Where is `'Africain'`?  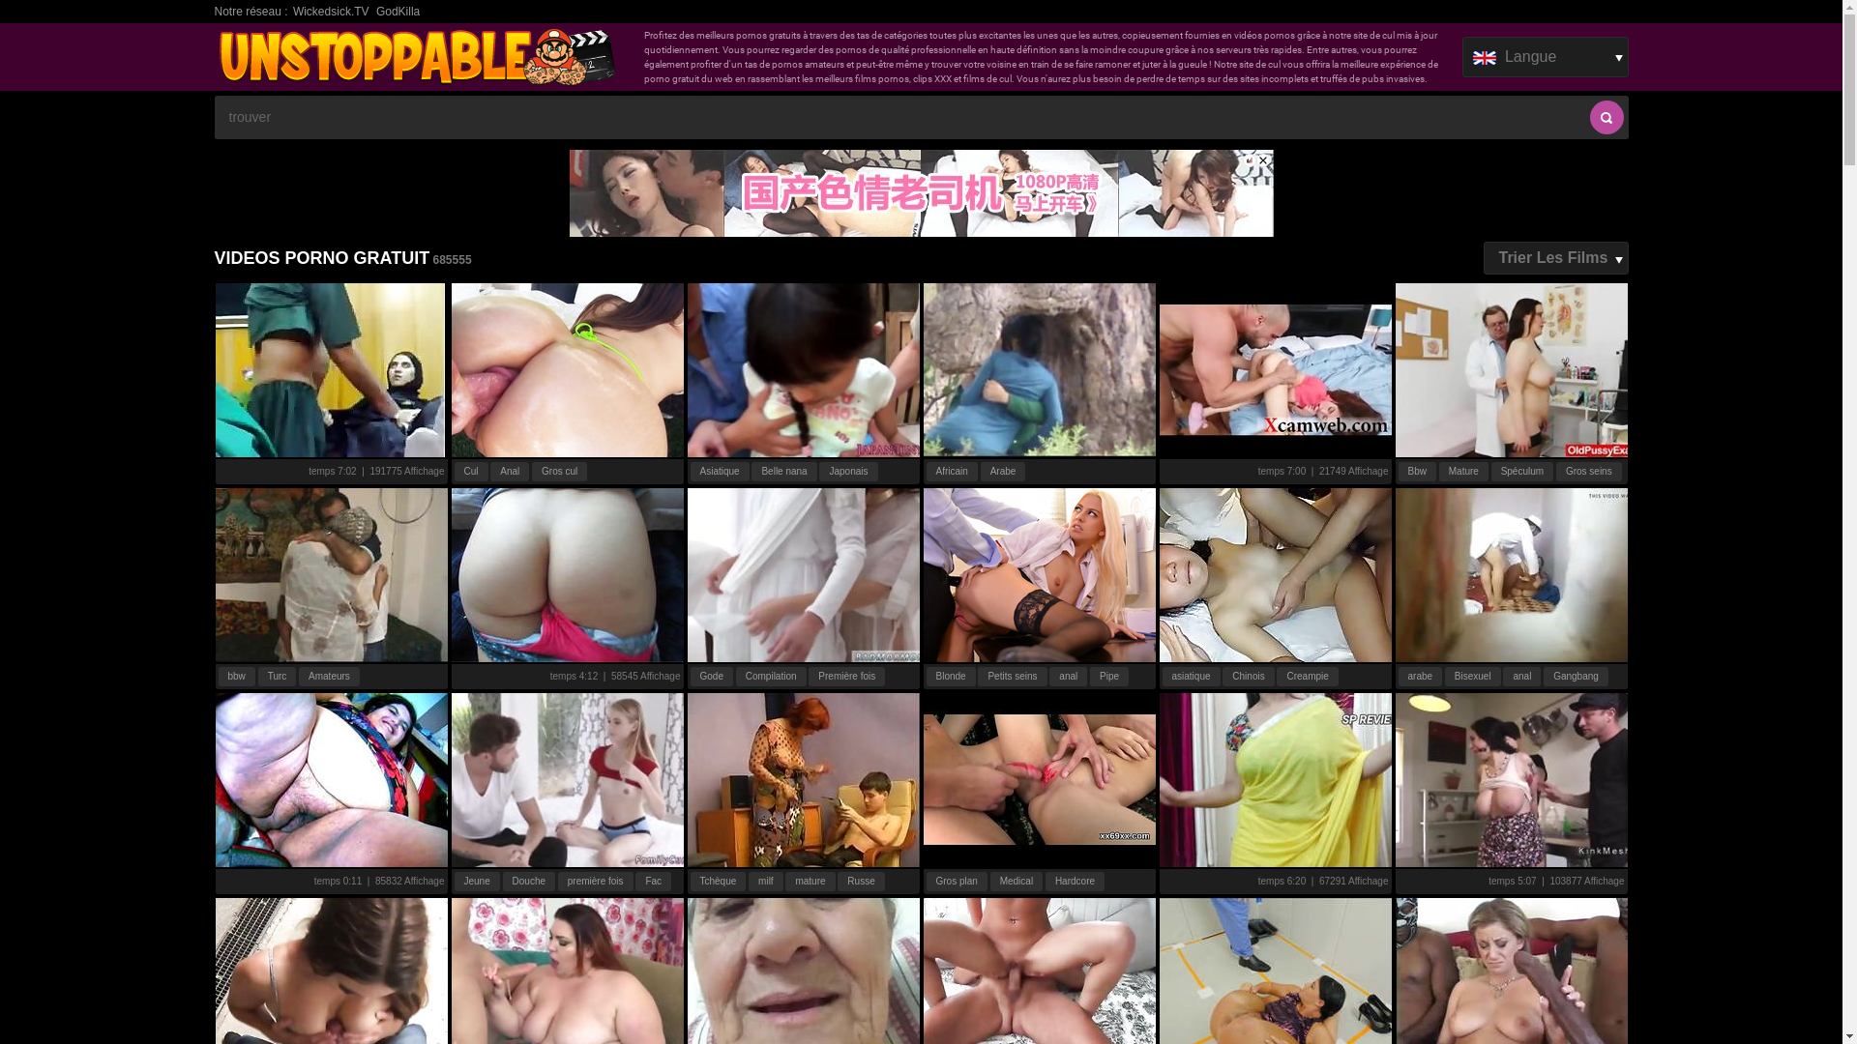
'Africain' is located at coordinates (952, 472).